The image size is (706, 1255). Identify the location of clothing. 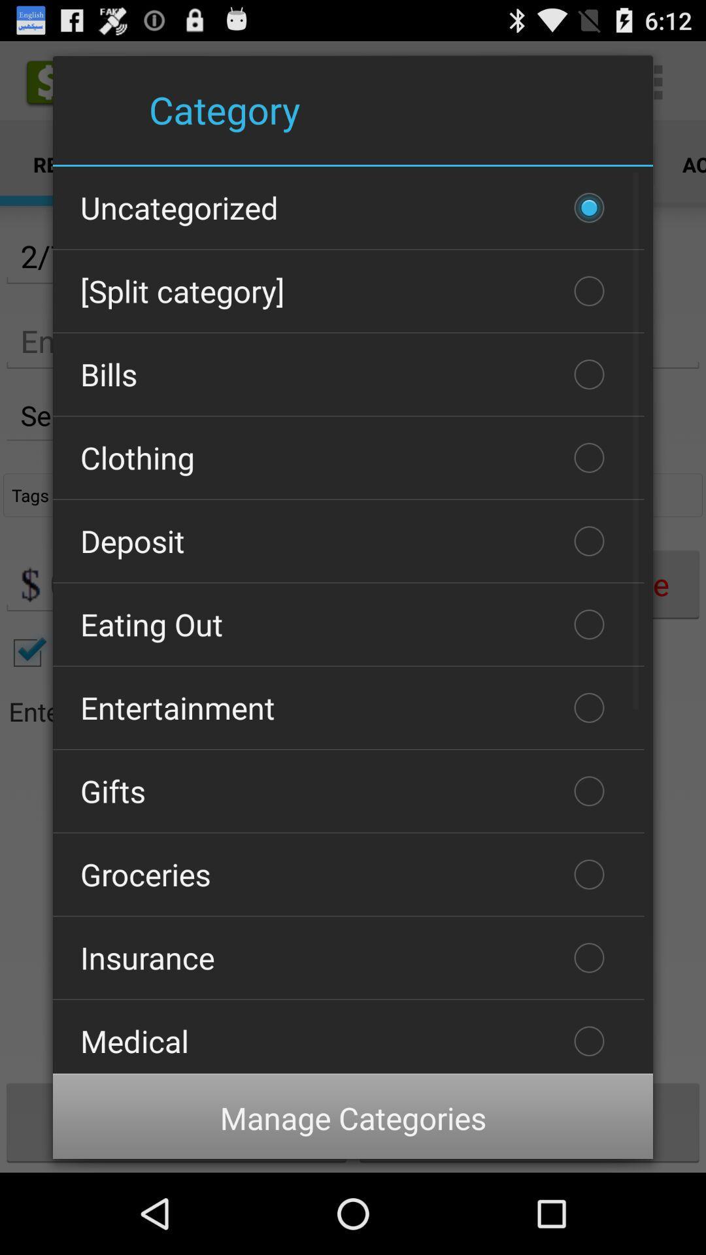
(348, 458).